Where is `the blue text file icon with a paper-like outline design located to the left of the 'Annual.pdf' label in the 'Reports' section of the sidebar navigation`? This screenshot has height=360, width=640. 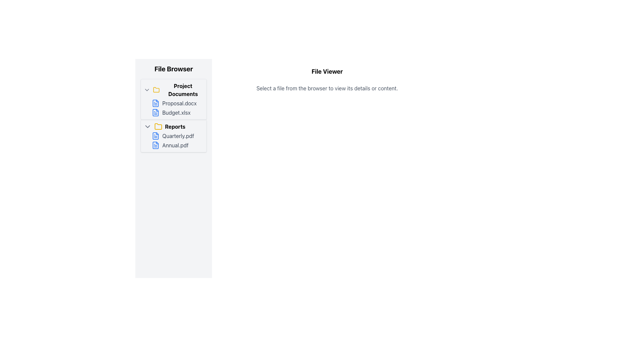
the blue text file icon with a paper-like outline design located to the left of the 'Annual.pdf' label in the 'Reports' section of the sidebar navigation is located at coordinates (155, 145).